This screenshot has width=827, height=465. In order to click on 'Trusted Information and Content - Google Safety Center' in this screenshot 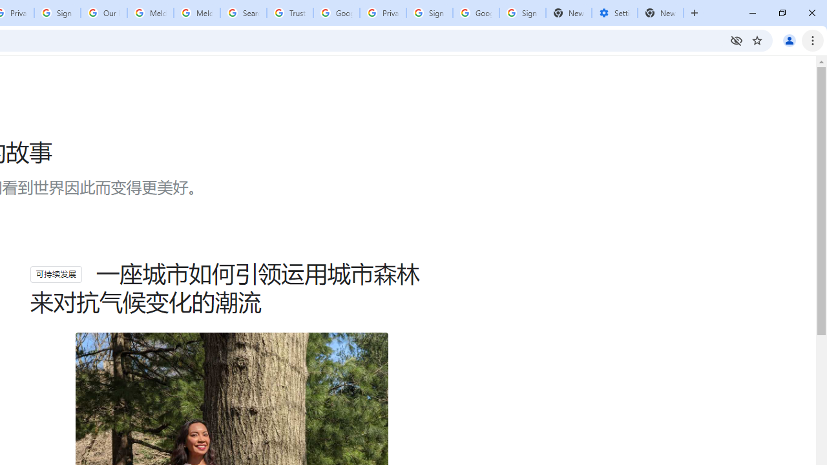, I will do `click(289, 13)`.